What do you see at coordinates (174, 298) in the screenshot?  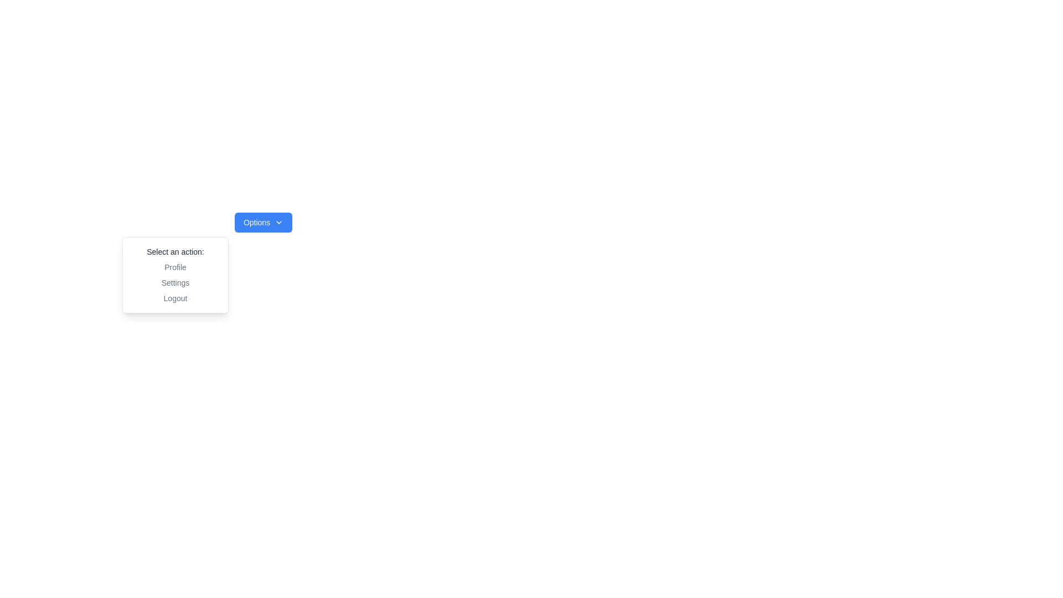 I see `the 'Logout' button, which is a text-based button displayed in medium gray color, located at the bottom of a vertical list in the context menu` at bounding box center [174, 298].